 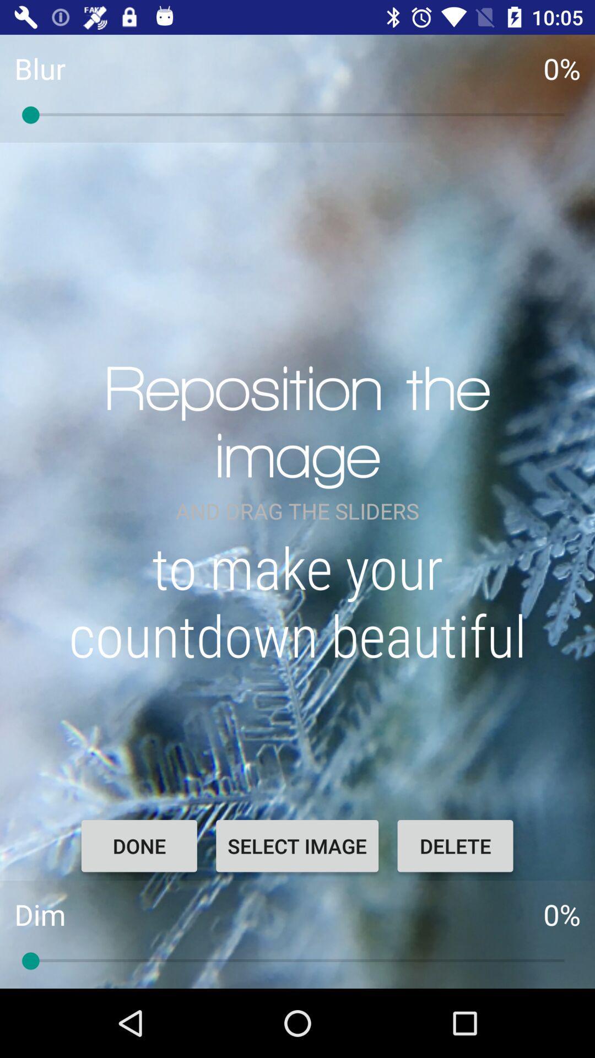 I want to click on item to the right of done item, so click(x=296, y=845).